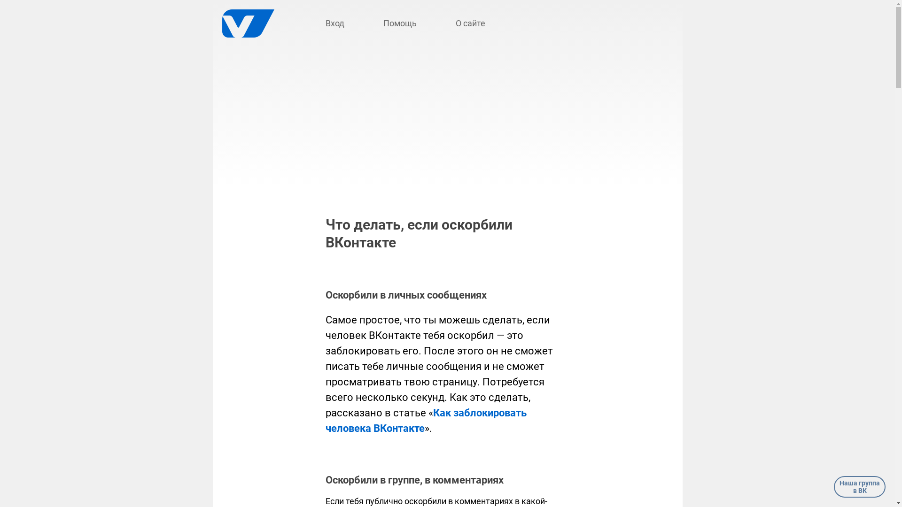 The width and height of the screenshot is (902, 507). I want to click on 'Advertisement', so click(446, 121).